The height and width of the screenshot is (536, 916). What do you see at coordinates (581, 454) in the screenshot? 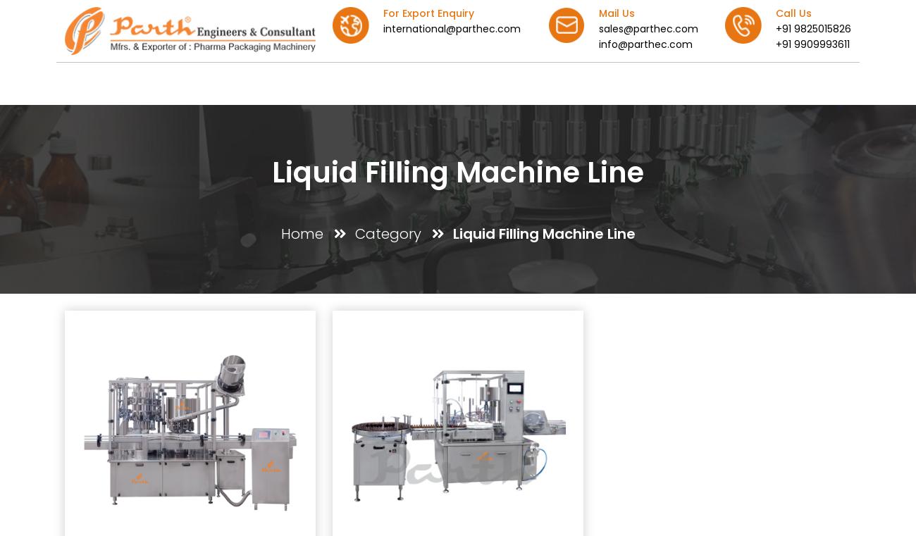
I see `'+91-9825015825'` at bounding box center [581, 454].